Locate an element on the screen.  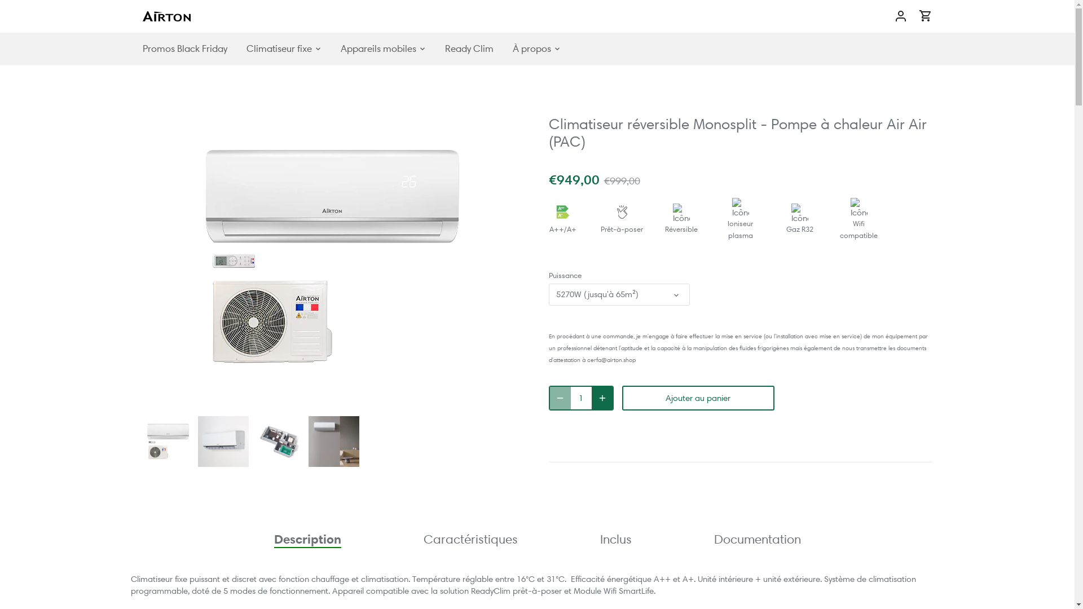
'Description' is located at coordinates (307, 539).